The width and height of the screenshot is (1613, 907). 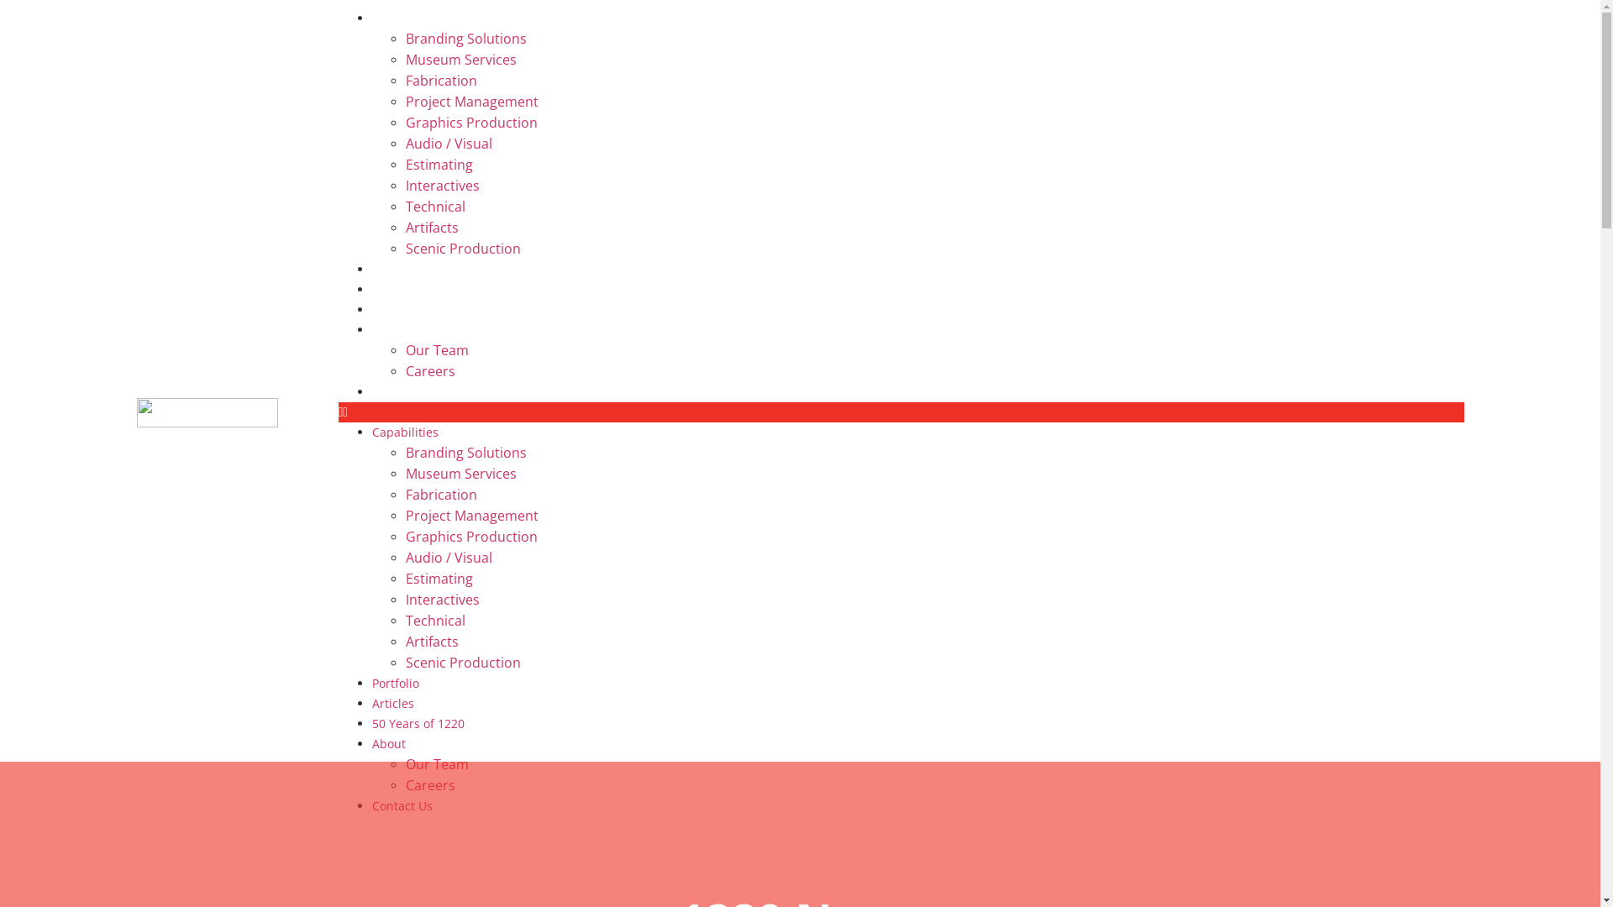 I want to click on 'Portfolio', so click(x=370, y=268).